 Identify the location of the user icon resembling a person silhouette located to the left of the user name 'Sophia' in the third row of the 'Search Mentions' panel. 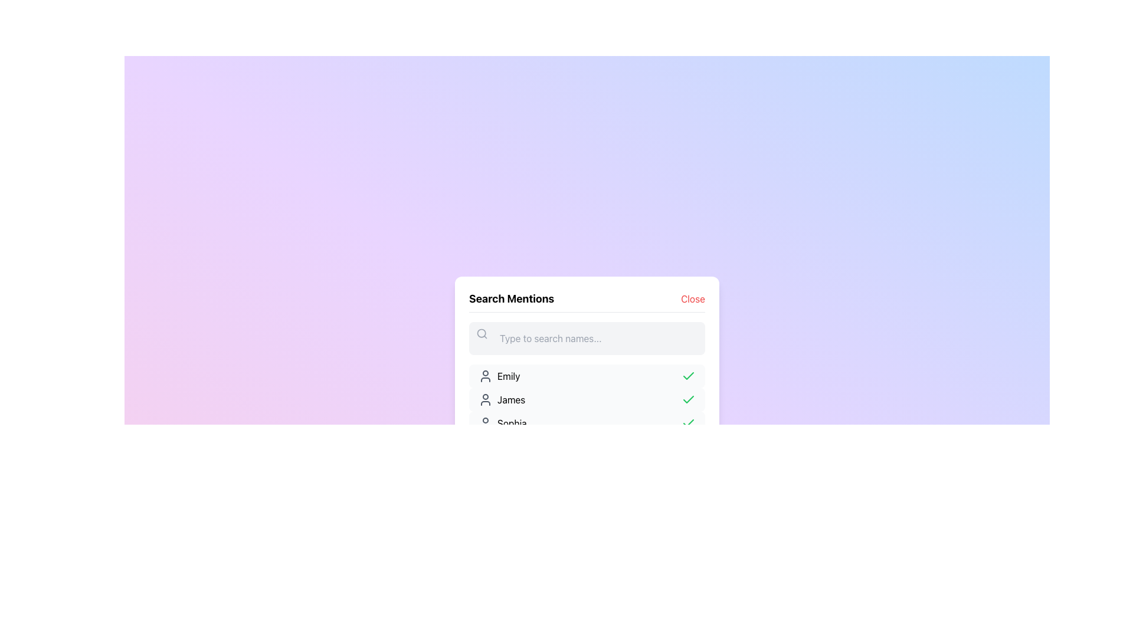
(485, 422).